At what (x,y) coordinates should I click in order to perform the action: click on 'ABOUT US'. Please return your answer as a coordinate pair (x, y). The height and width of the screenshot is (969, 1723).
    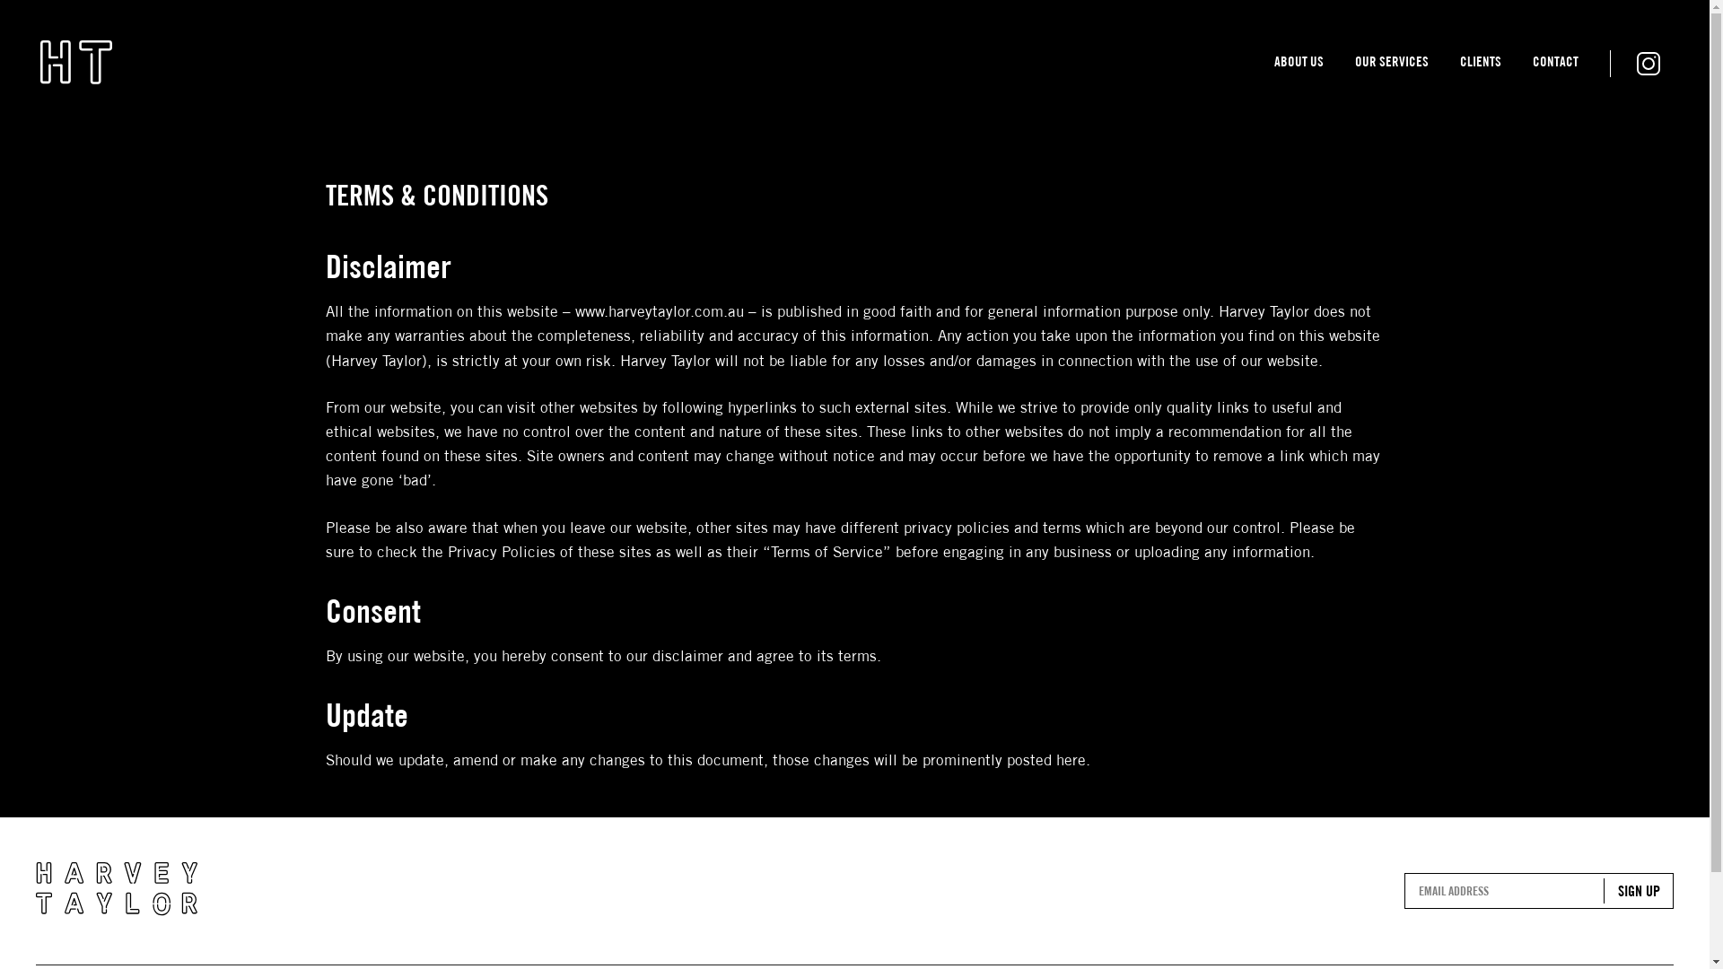
    Looking at the image, I should click on (1299, 65).